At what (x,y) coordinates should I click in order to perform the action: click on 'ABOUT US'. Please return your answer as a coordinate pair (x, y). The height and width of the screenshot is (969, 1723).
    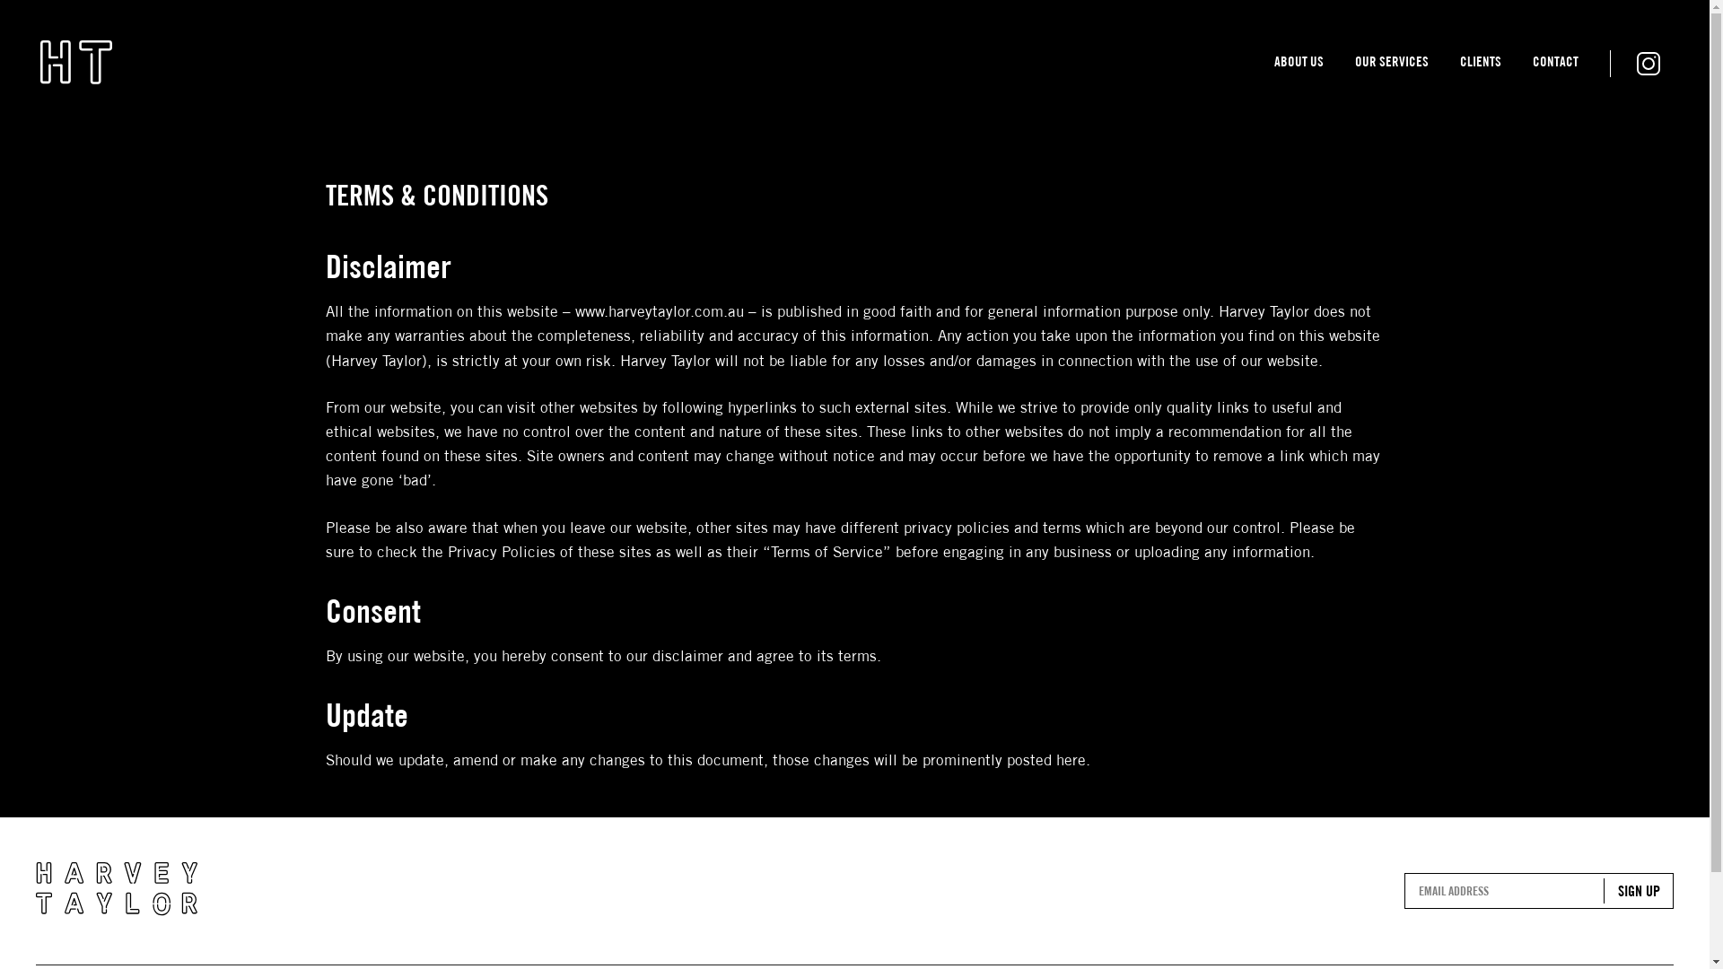
    Looking at the image, I should click on (1299, 65).